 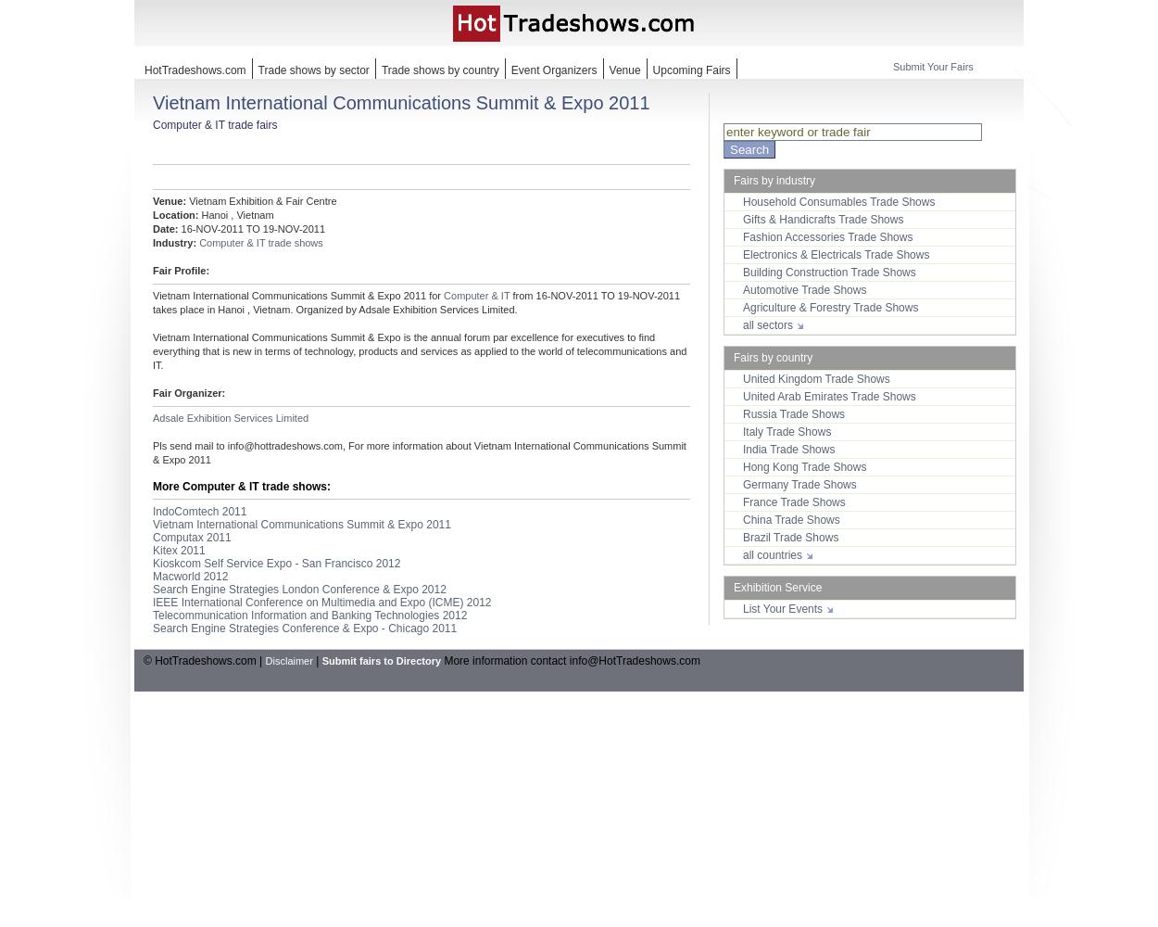 I want to click on 'Kioskcom Self Service Expo - San Francisco 2012', so click(x=276, y=563).